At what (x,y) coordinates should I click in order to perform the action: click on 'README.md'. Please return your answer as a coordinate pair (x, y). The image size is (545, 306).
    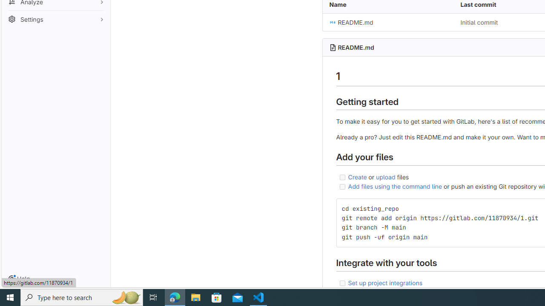
    Looking at the image, I should click on (387, 22).